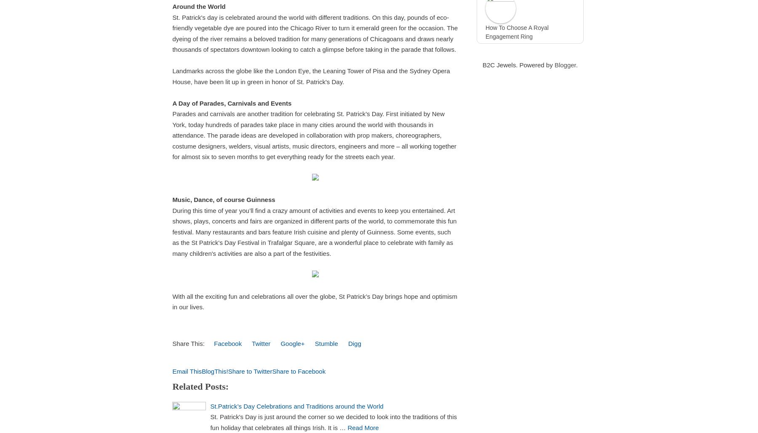 Image resolution: width=758 pixels, height=433 pixels. I want to click on '.', so click(576, 65).